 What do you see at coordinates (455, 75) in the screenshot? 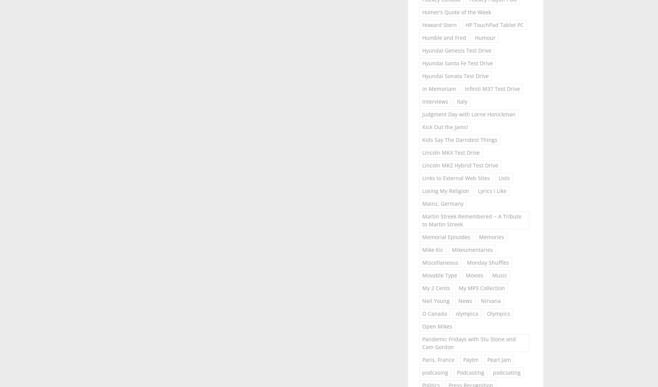
I see `'Hyundai Sonata Test Drive'` at bounding box center [455, 75].